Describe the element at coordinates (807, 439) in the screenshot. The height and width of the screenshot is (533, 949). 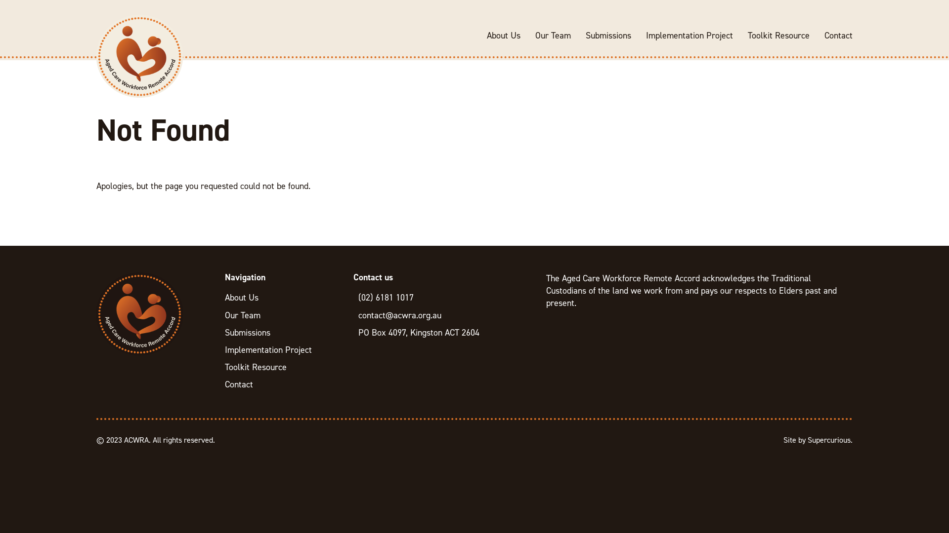
I see `'Supercurious'` at that location.